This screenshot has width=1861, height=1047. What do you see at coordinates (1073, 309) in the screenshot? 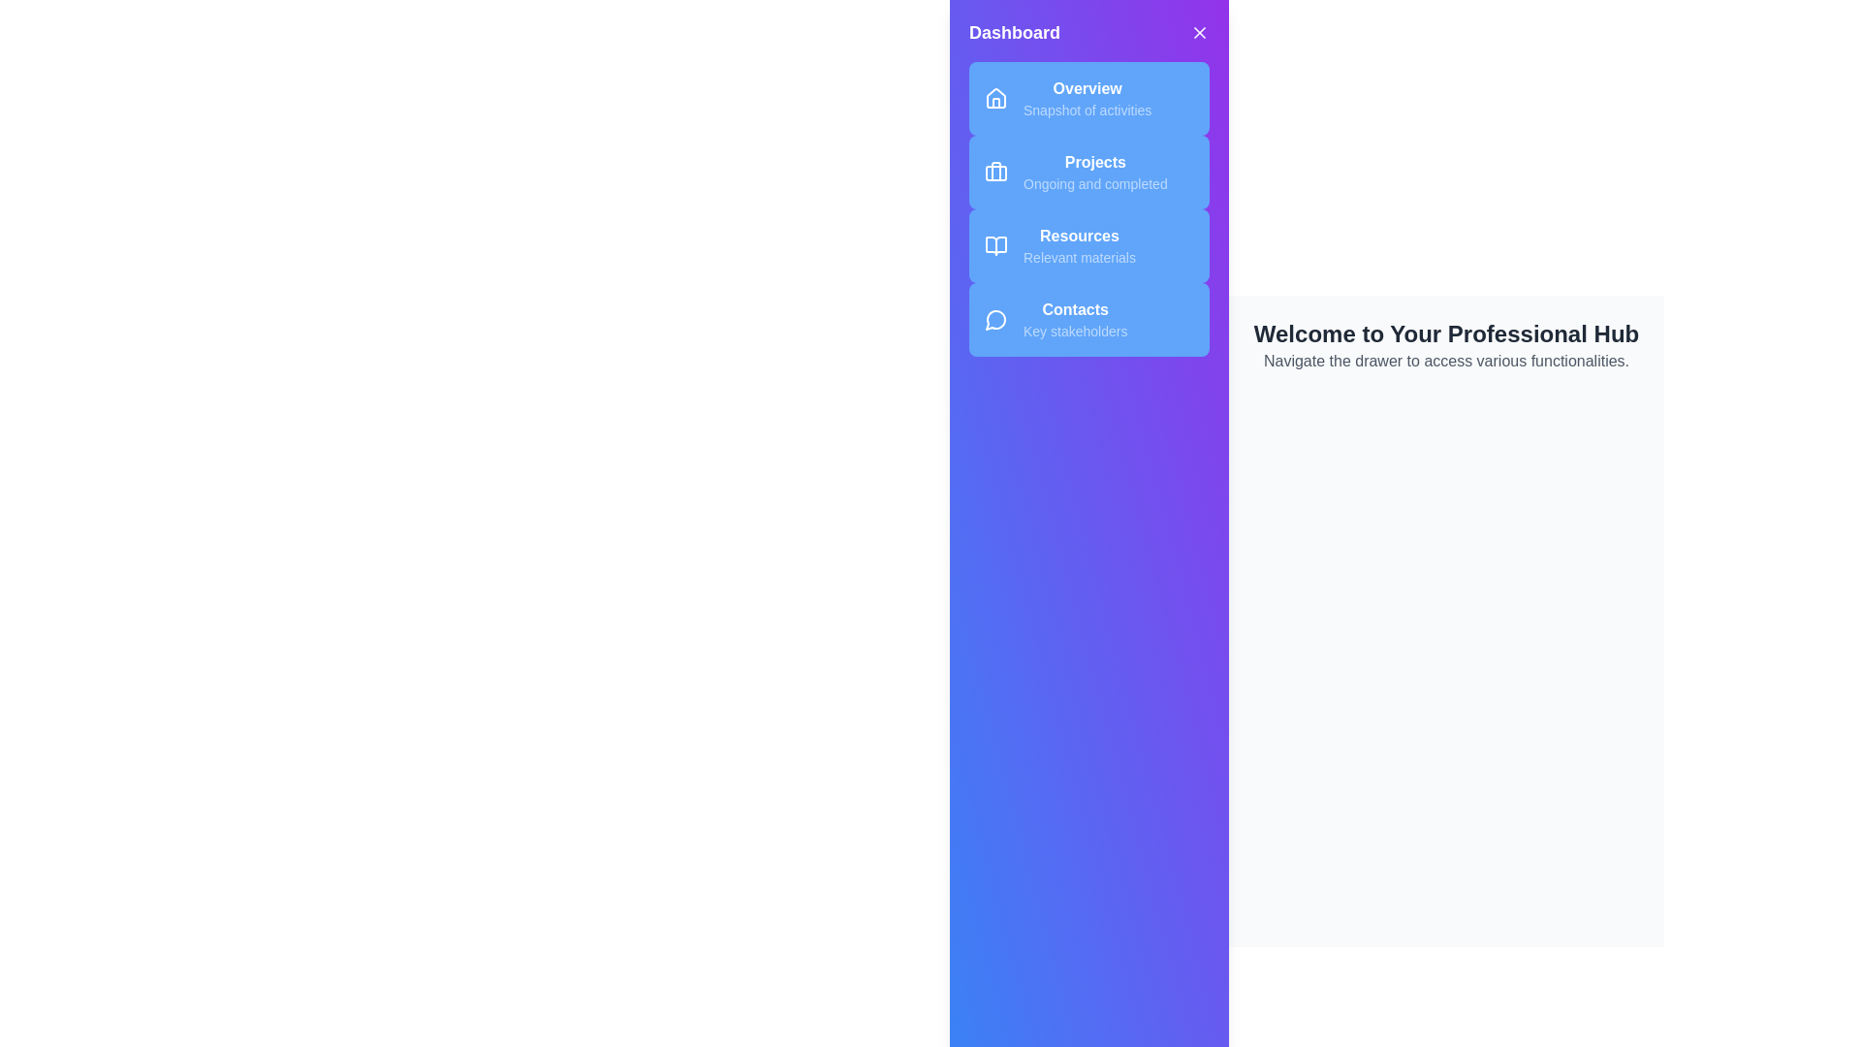
I see `the text element labeled Contacts to interact with it` at bounding box center [1073, 309].